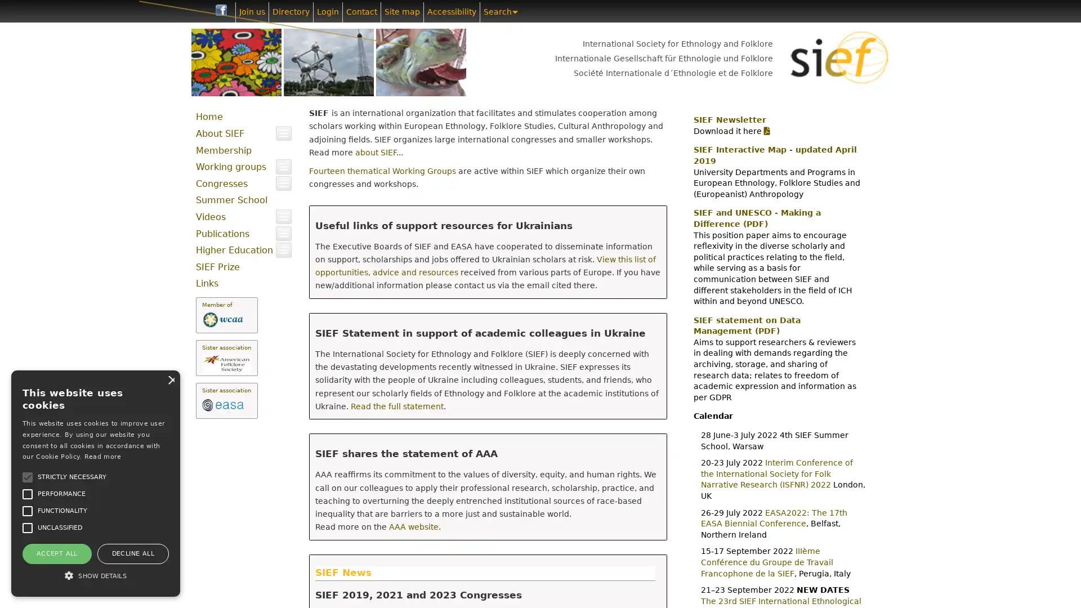 This screenshot has width=1081, height=608. I want to click on SHOW DETAILS, so click(95, 575).